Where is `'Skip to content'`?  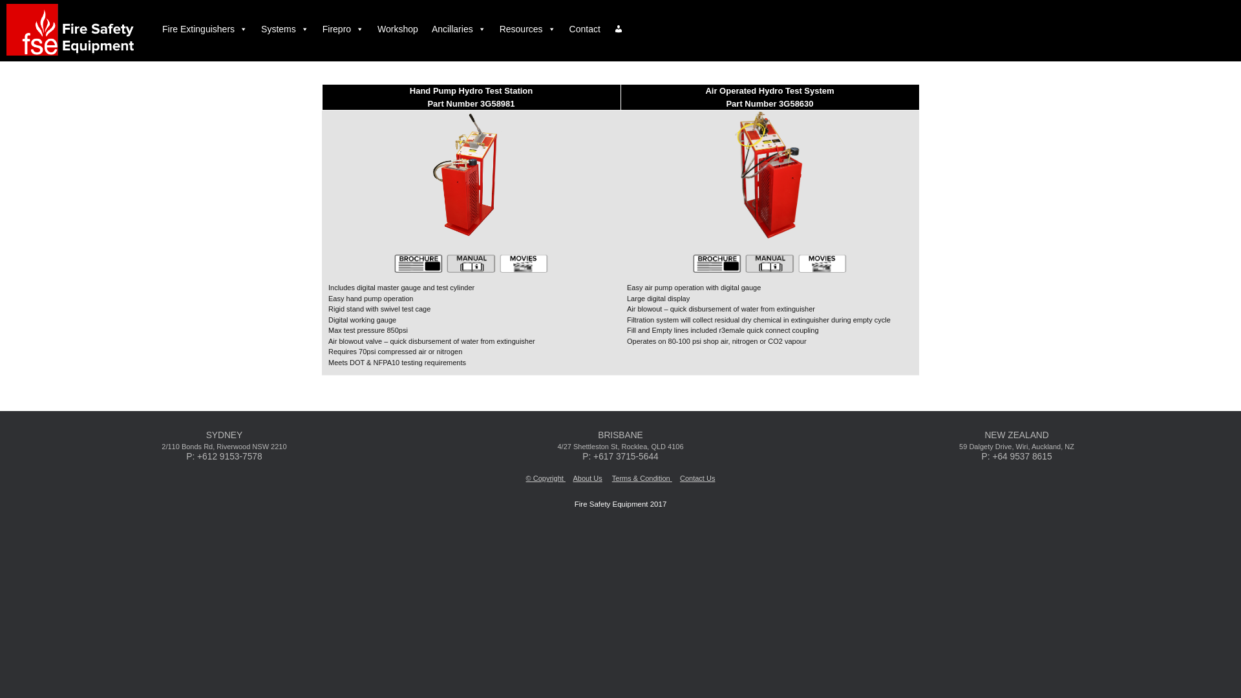
'Skip to content' is located at coordinates (0, 0).